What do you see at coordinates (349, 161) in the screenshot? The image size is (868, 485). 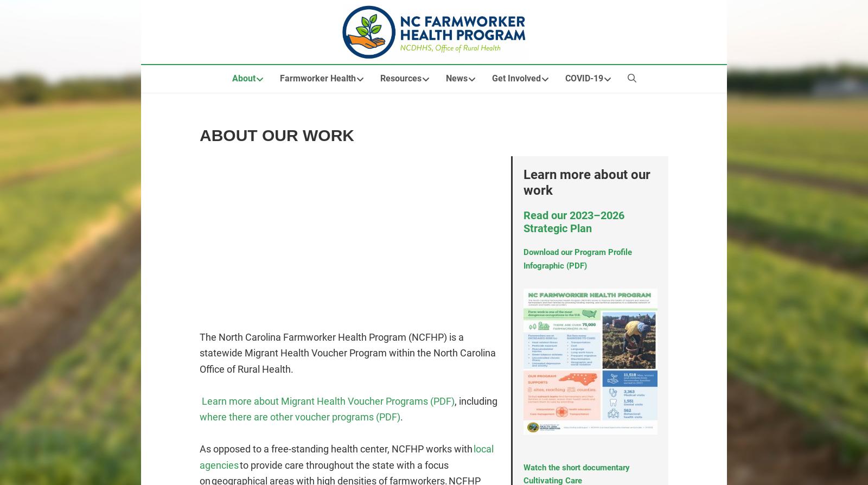 I see `'Health Education Modules'` at bounding box center [349, 161].